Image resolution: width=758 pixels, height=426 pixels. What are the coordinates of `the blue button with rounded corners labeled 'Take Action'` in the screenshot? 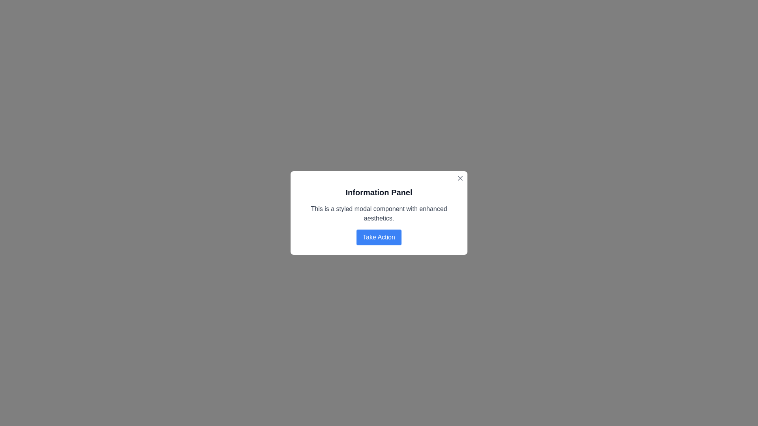 It's located at (379, 237).